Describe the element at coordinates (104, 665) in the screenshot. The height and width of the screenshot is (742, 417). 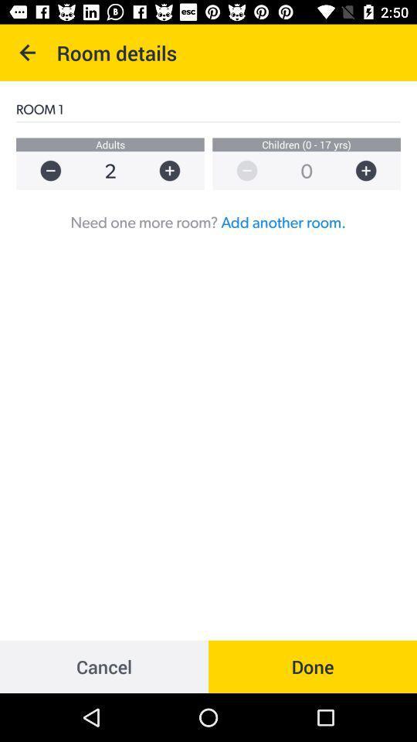
I see `cancel` at that location.